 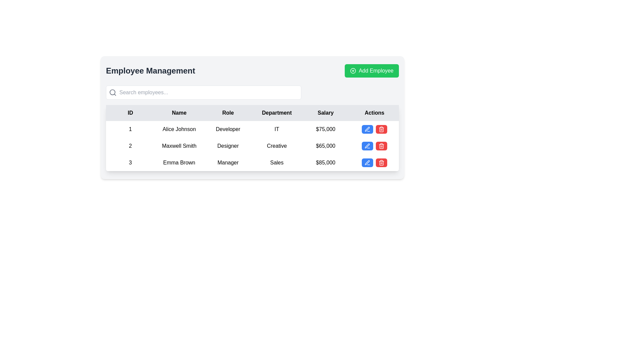 What do you see at coordinates (382, 145) in the screenshot?
I see `the trash icon button, which is a red square button with a white trash bin icon, located in the 'Actions' column of the employee table` at bounding box center [382, 145].